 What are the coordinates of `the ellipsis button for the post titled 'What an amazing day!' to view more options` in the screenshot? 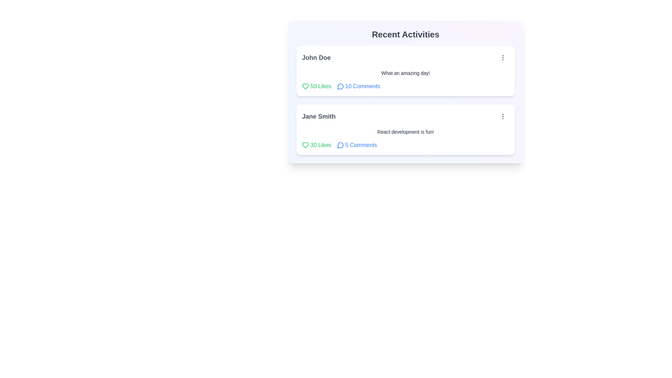 It's located at (502, 57).